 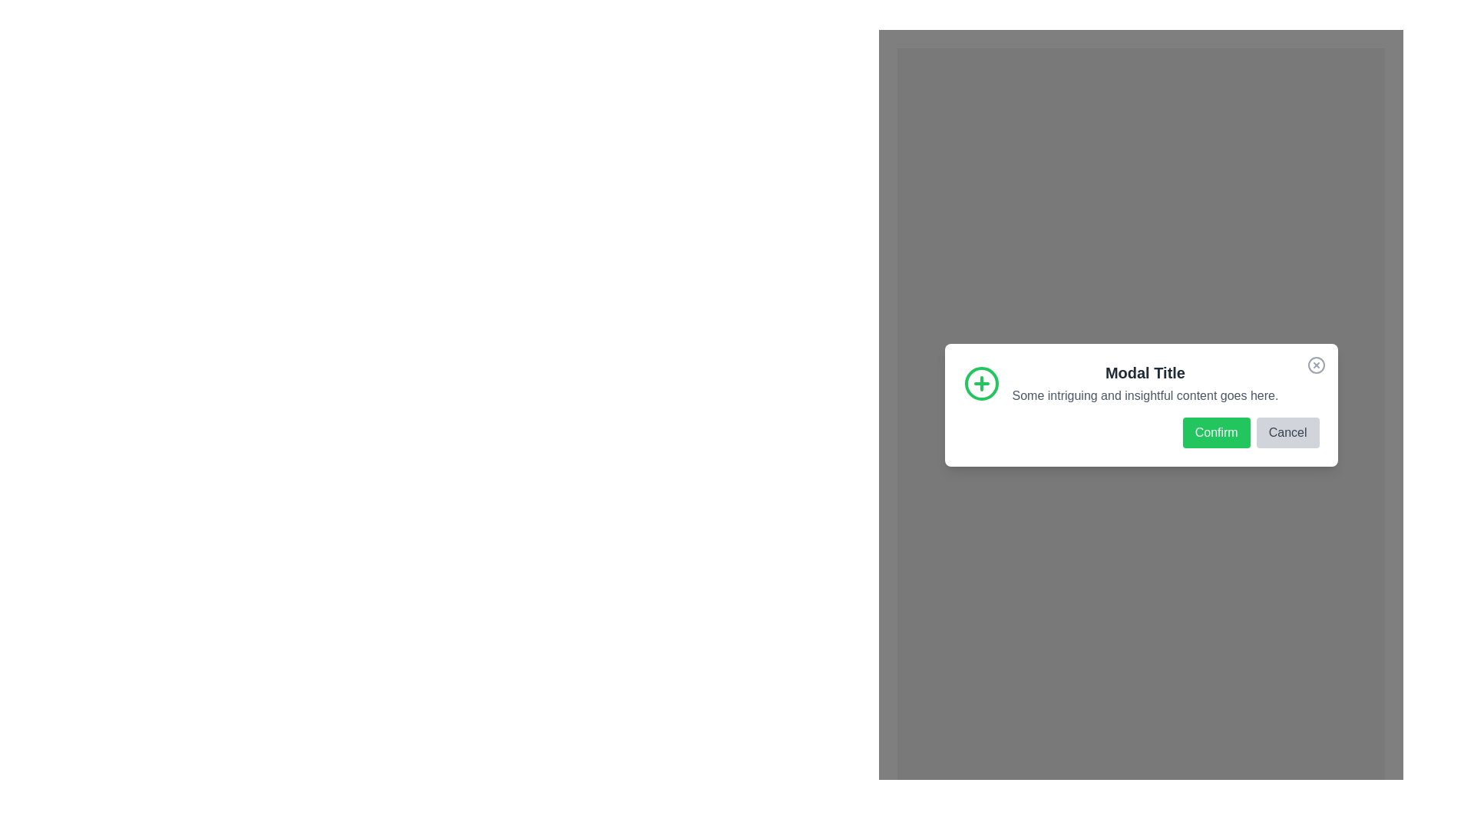 I want to click on the 'Cancel' button, which is part of the button group located at the bottom-right section of the modal window, styled in gray and adjacent to the green 'Confirm' button, so click(x=1141, y=432).